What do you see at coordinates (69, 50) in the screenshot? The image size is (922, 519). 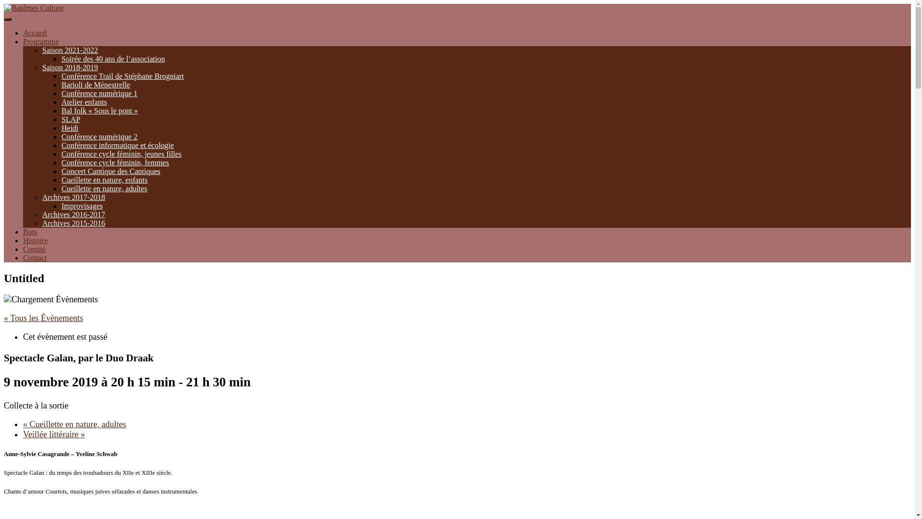 I see `'Saison 2021-2022'` at bounding box center [69, 50].